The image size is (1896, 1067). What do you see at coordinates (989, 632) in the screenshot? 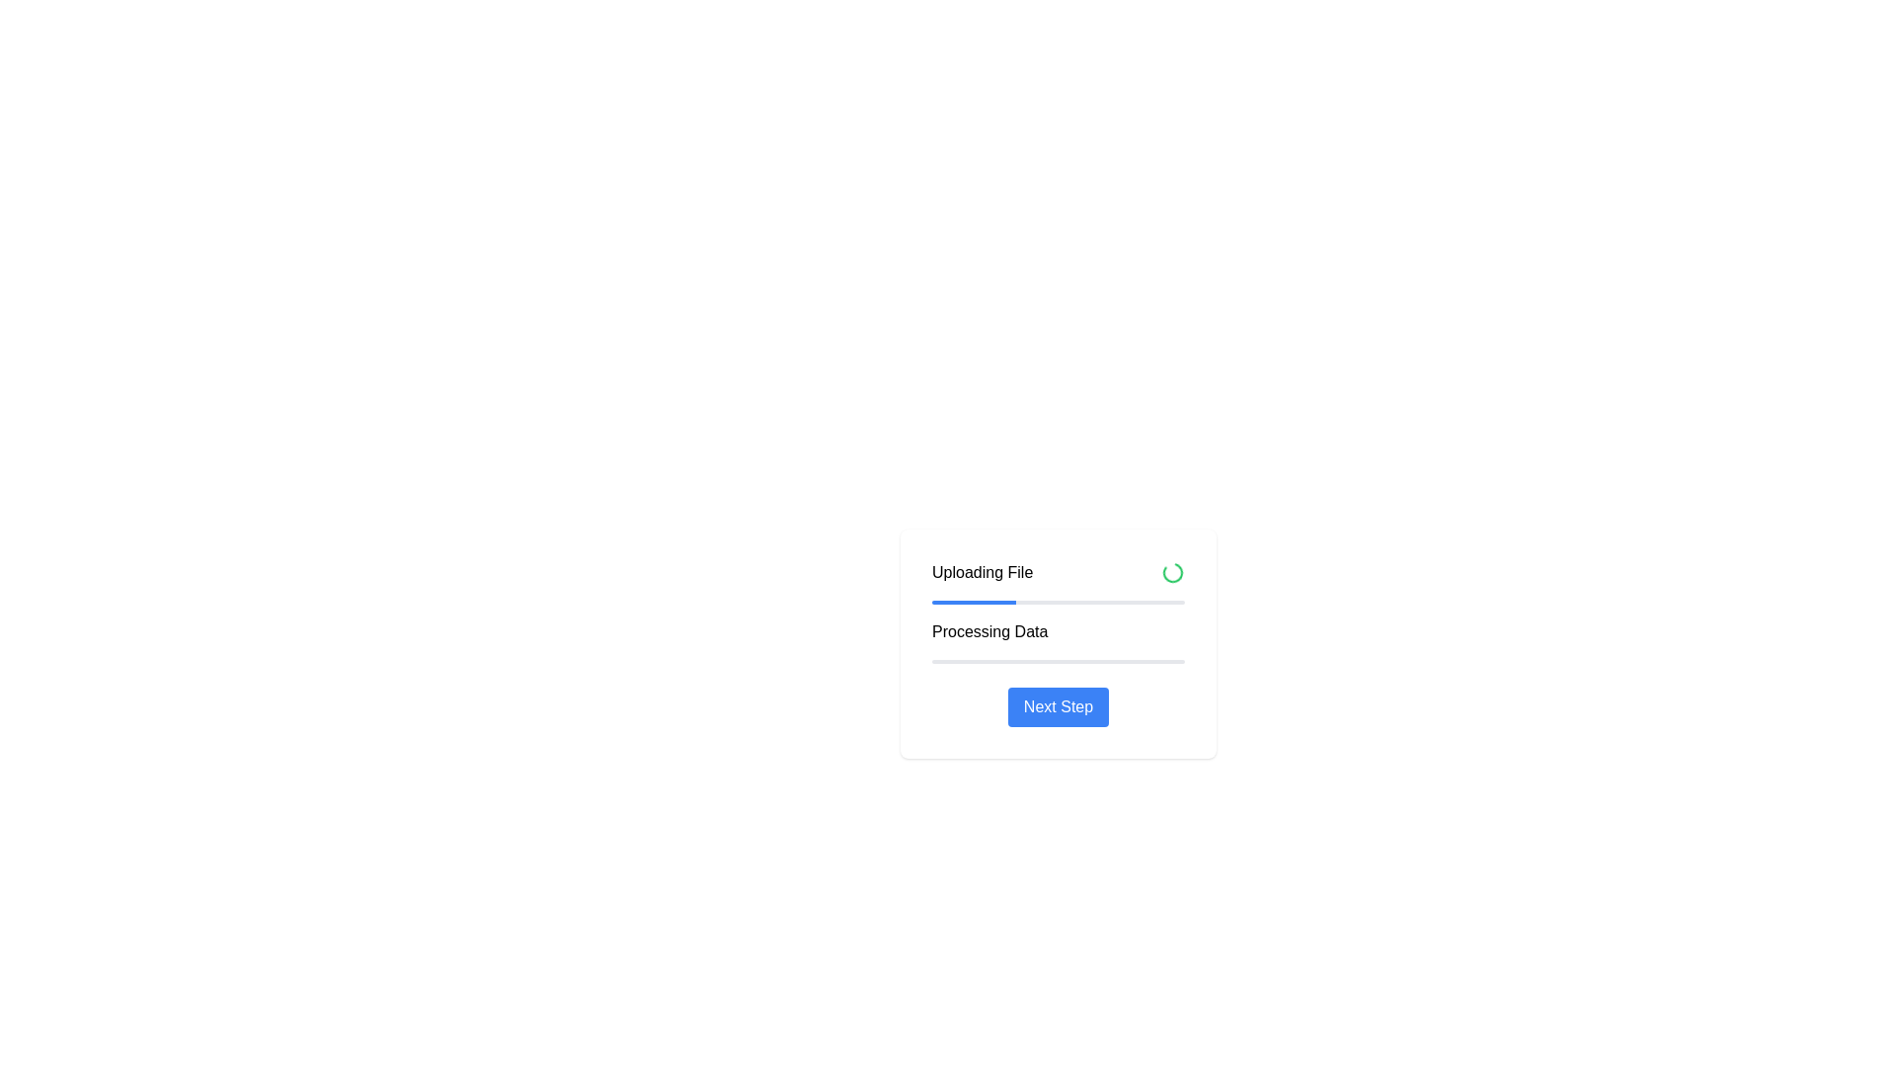
I see `status indicator text label located centrally aligned below the progress bar and above the 'Next Step' button, which communicates the system's current processing status` at bounding box center [989, 632].